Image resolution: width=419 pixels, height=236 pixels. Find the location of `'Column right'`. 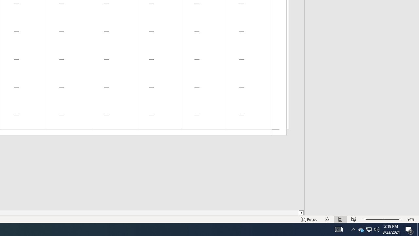

'Column right' is located at coordinates (301, 213).